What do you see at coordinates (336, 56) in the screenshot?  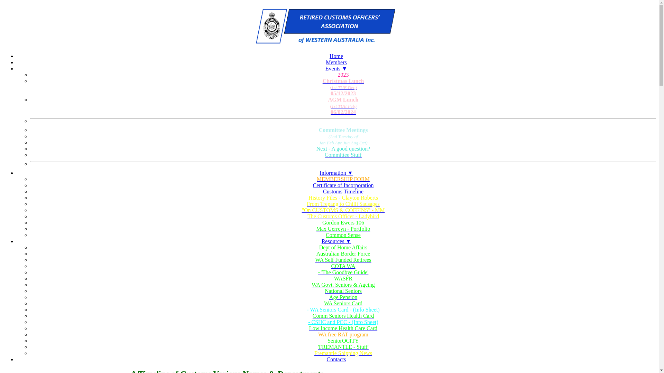 I see `'Home'` at bounding box center [336, 56].